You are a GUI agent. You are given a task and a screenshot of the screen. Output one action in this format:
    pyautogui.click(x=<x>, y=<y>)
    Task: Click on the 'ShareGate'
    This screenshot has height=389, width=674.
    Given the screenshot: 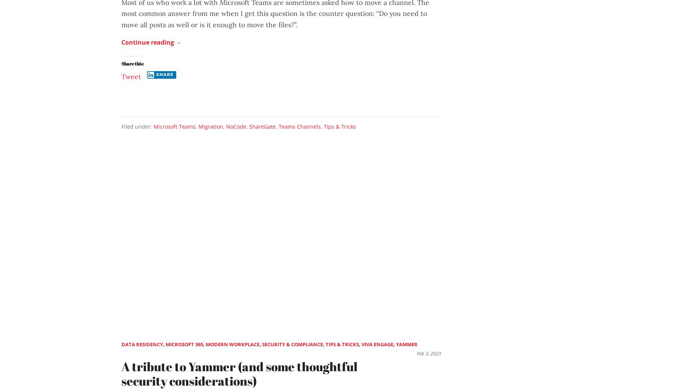 What is the action you would take?
    pyautogui.click(x=262, y=126)
    